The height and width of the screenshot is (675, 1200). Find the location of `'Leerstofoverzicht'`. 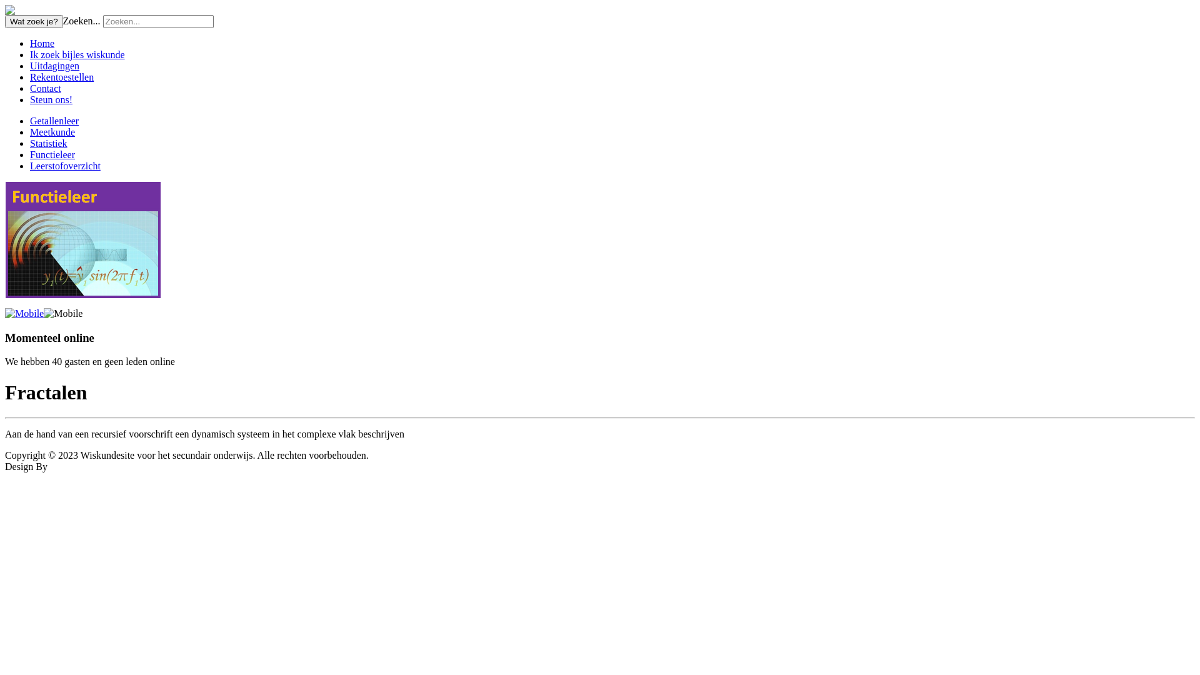

'Leerstofoverzicht' is located at coordinates (64, 165).